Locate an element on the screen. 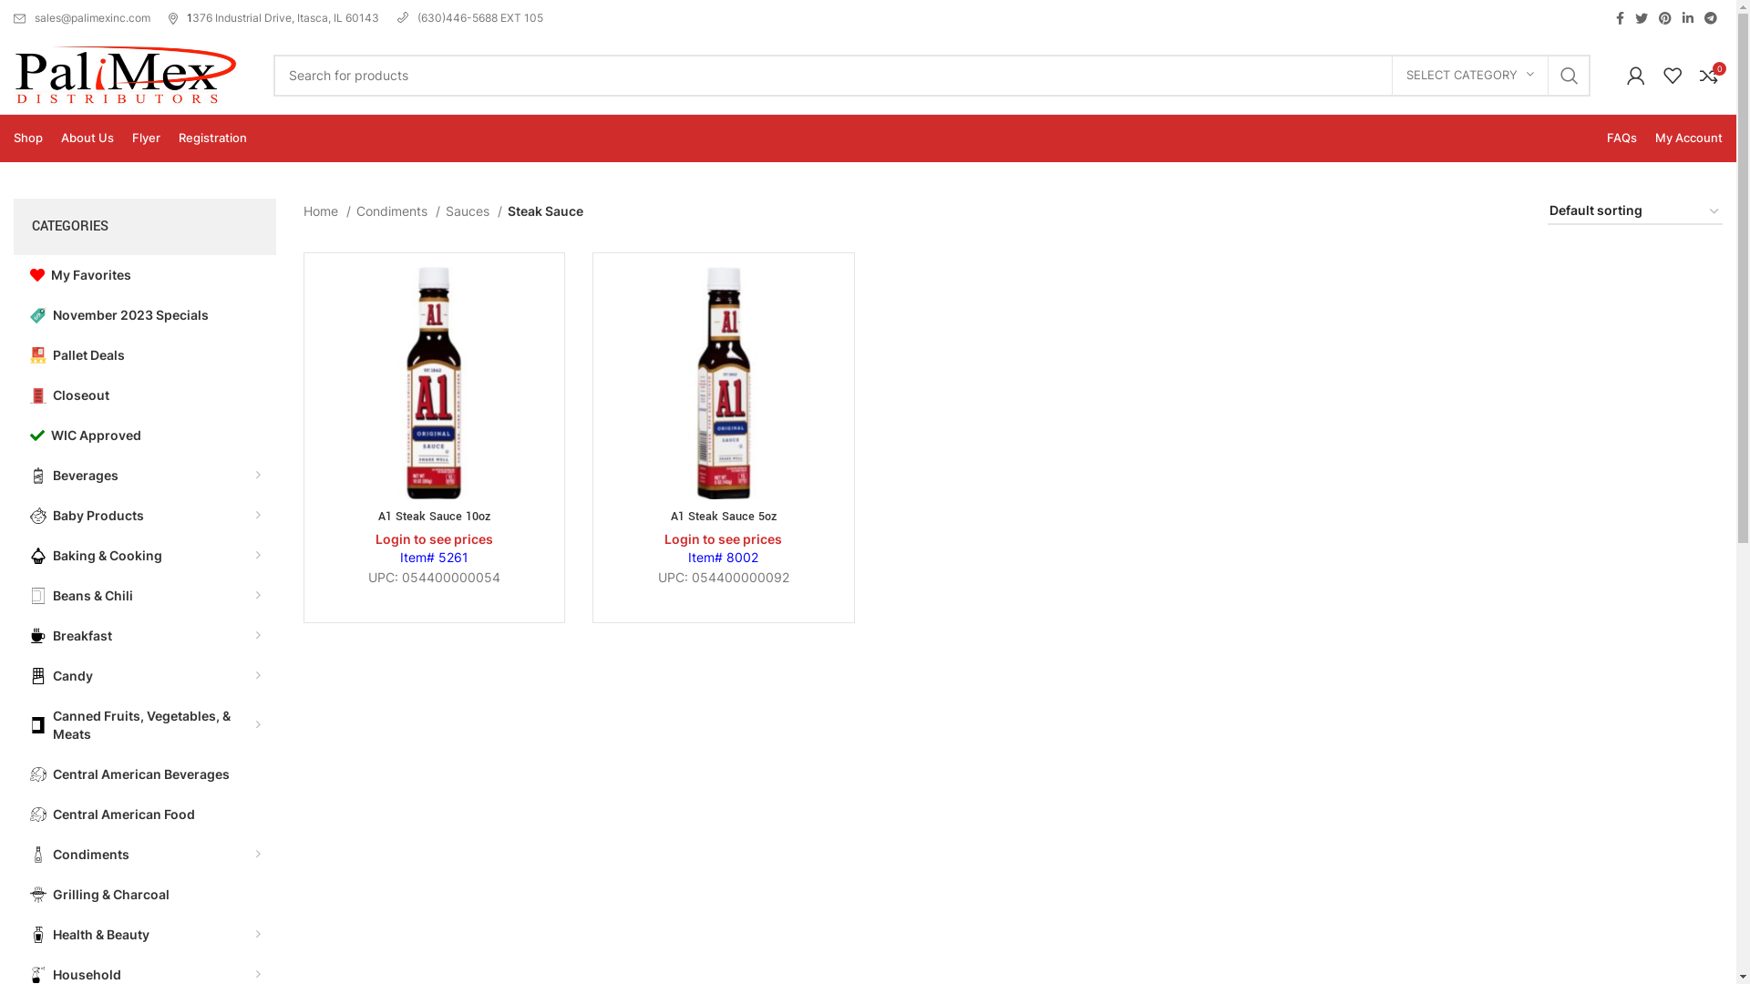 This screenshot has height=984, width=1750. 'My Wishlist' is located at coordinates (1653, 73).